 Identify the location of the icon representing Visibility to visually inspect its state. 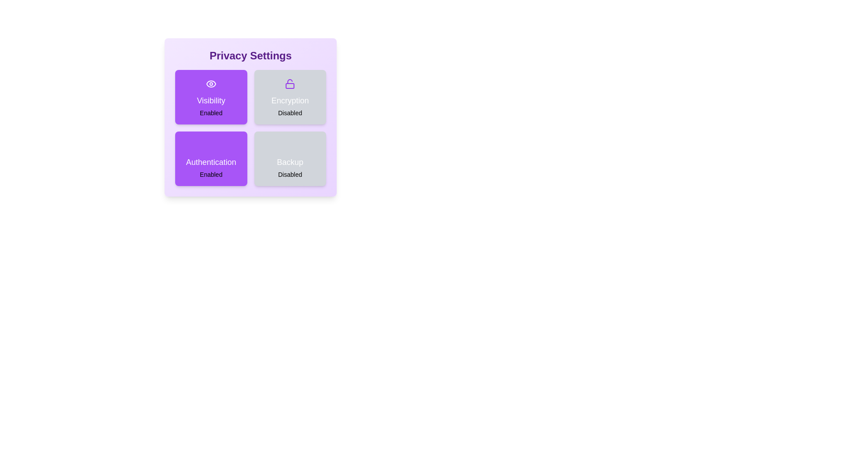
(210, 84).